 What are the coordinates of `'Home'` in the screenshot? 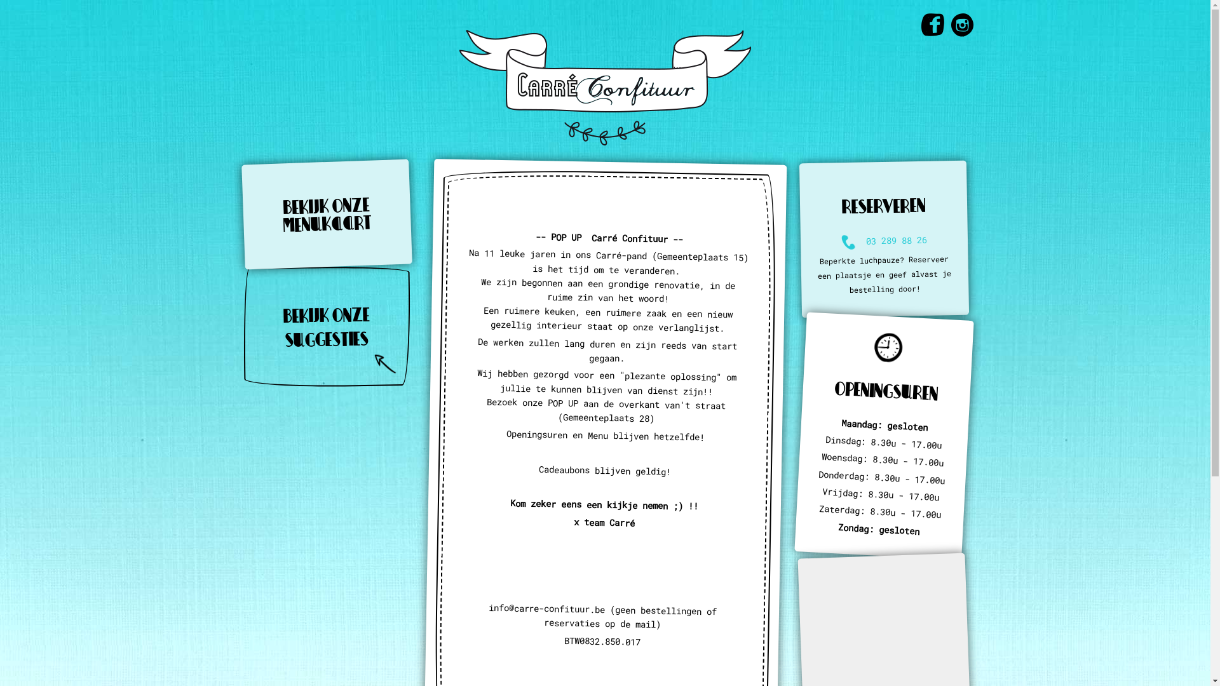 It's located at (604, 86).